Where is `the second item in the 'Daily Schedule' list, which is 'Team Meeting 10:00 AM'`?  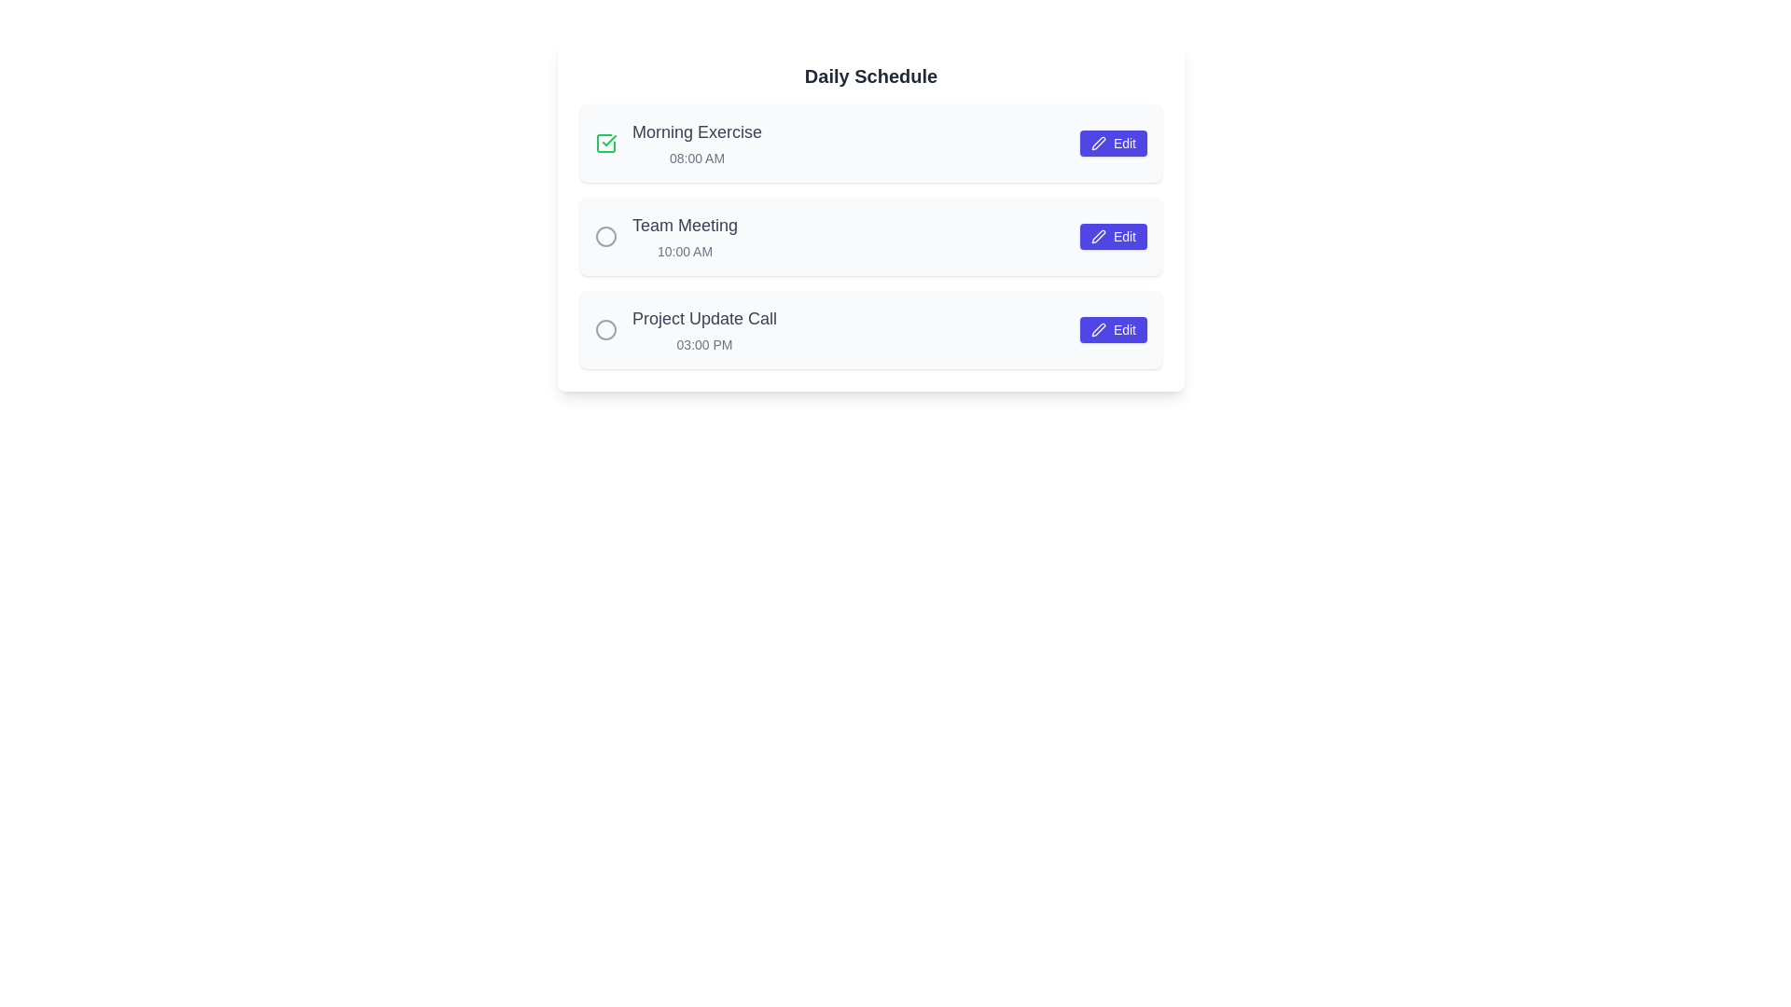
the second item in the 'Daily Schedule' list, which is 'Team Meeting 10:00 AM' is located at coordinates (870, 236).